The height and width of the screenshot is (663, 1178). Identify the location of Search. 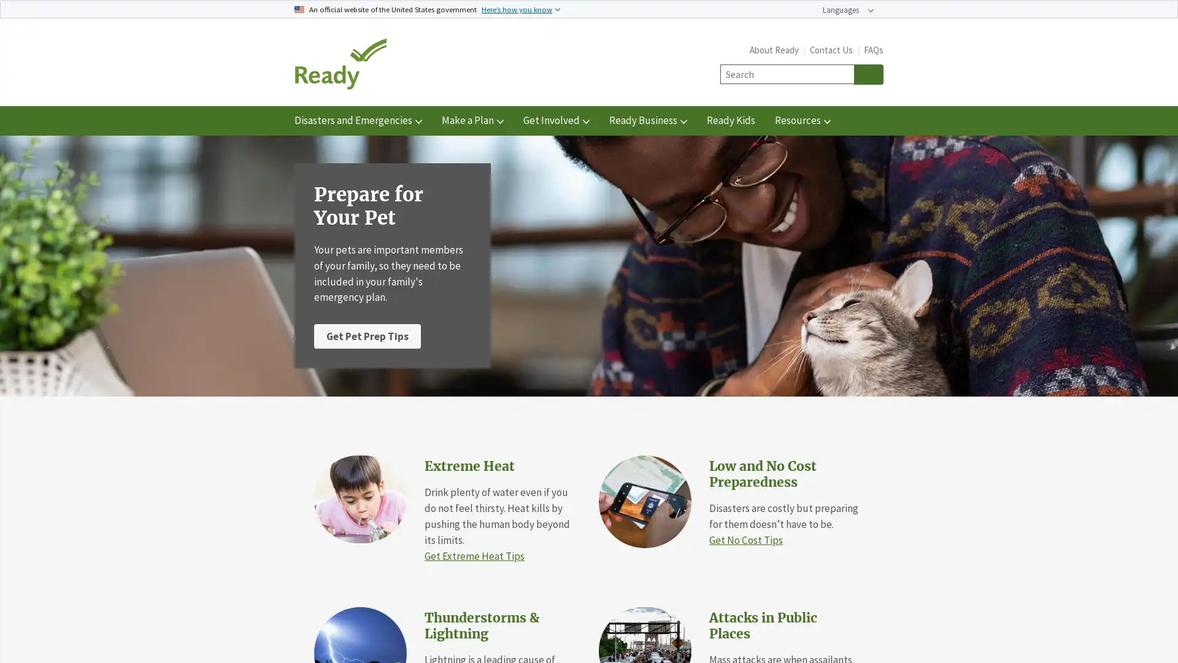
(868, 74).